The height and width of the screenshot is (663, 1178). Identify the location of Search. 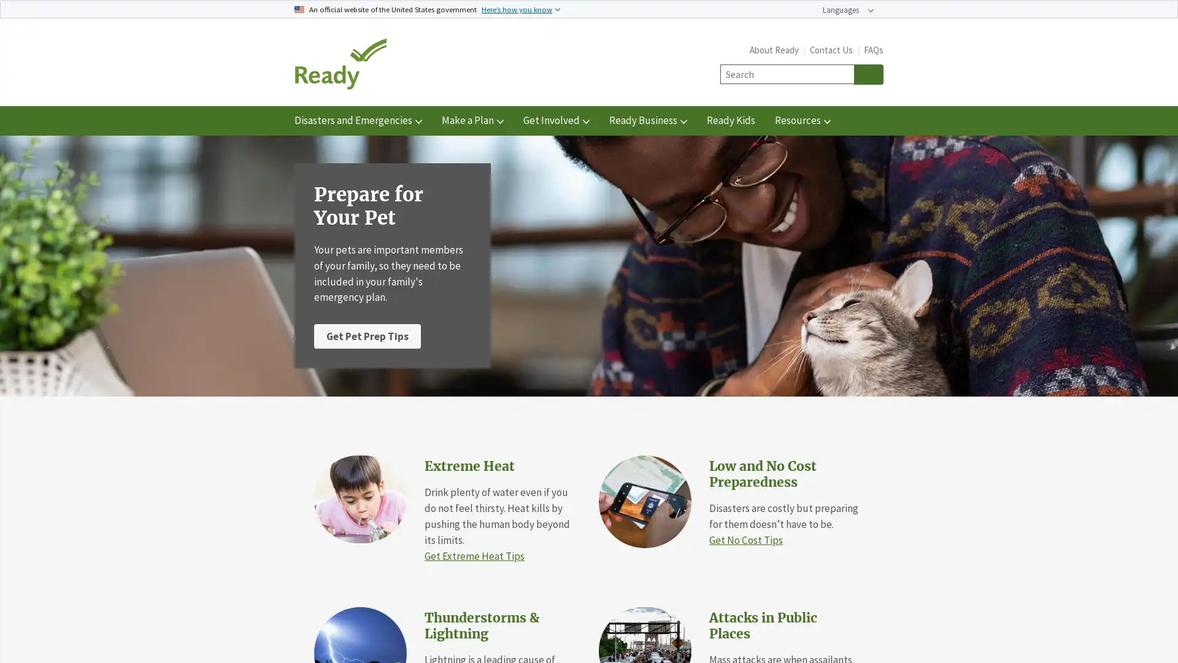
(868, 74).